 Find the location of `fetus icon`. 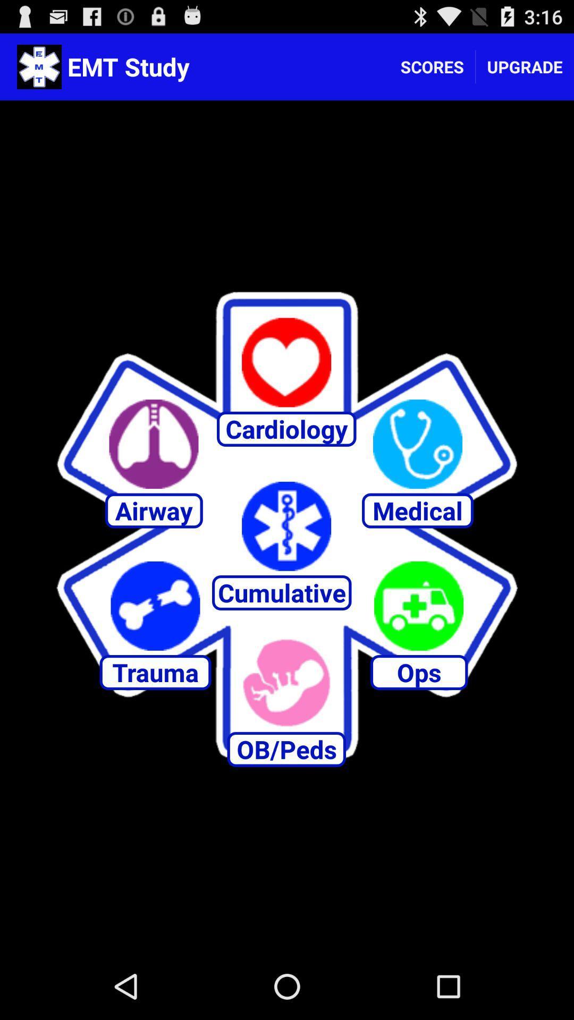

fetus icon is located at coordinates (286, 683).